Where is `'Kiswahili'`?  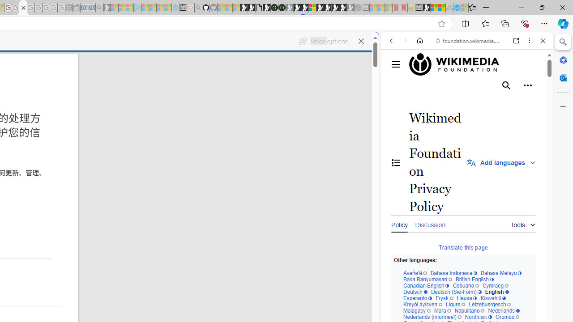
'Kiswahili' is located at coordinates (492, 298).